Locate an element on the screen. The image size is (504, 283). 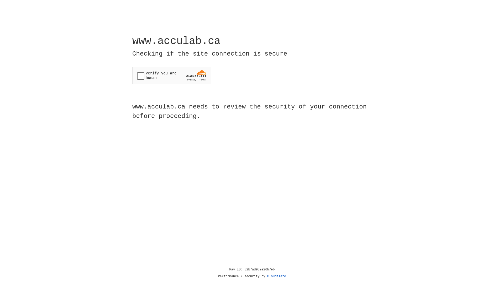
'Cloudflare' is located at coordinates (276, 276).